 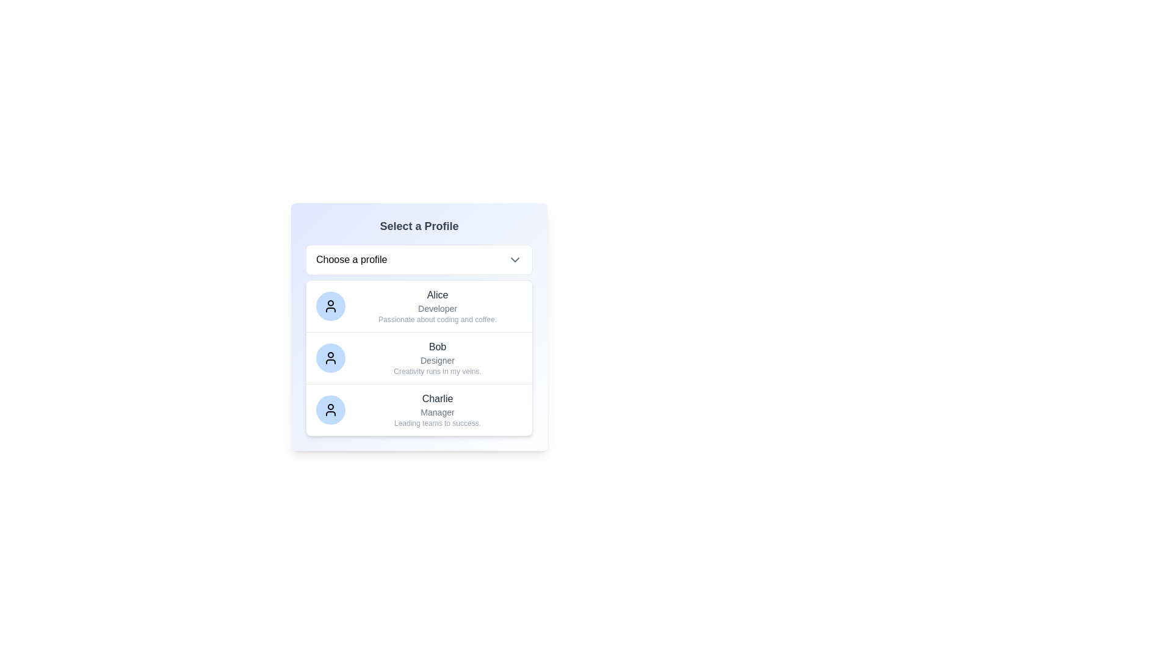 I want to click on the text element 'Designer' which is styled in a small gray font and located in the profile section under the name 'Bob', so click(x=437, y=359).